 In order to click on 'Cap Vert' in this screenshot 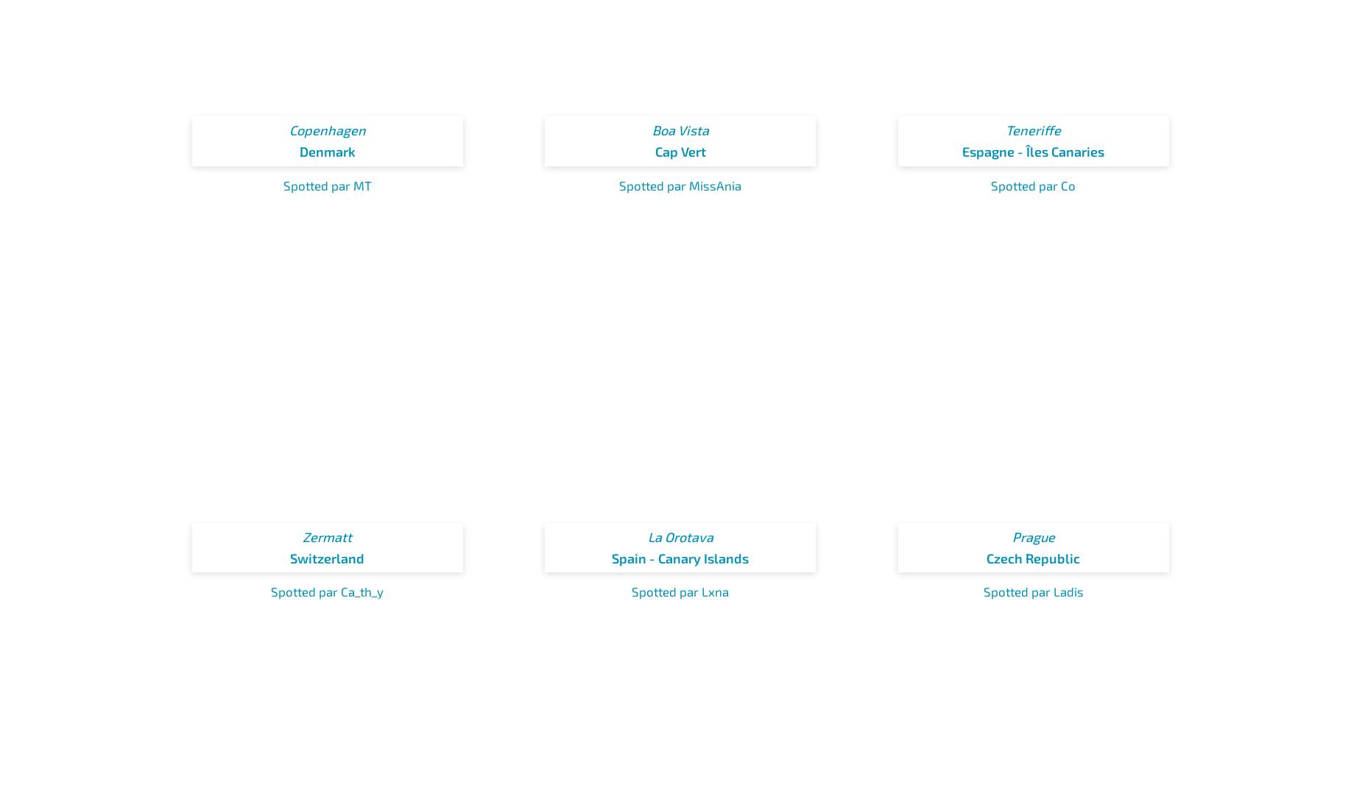, I will do `click(654, 151)`.